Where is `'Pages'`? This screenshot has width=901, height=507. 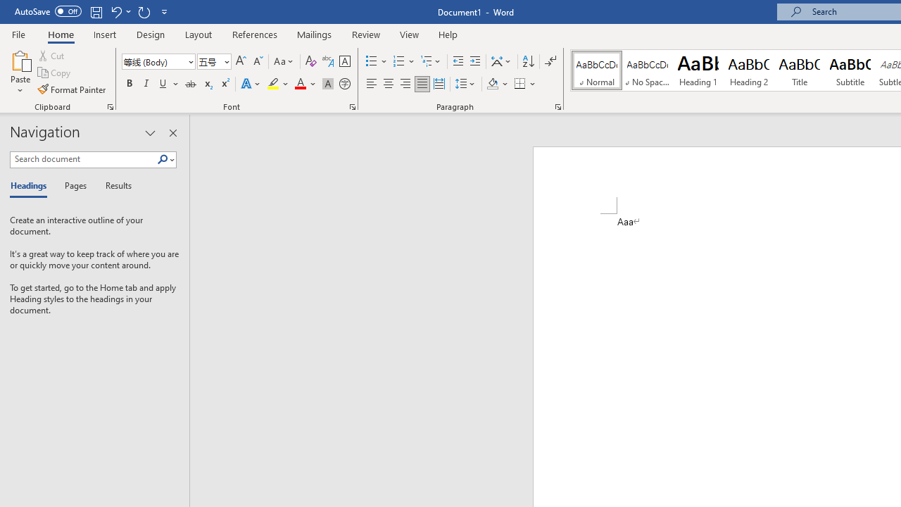
'Pages' is located at coordinates (73, 186).